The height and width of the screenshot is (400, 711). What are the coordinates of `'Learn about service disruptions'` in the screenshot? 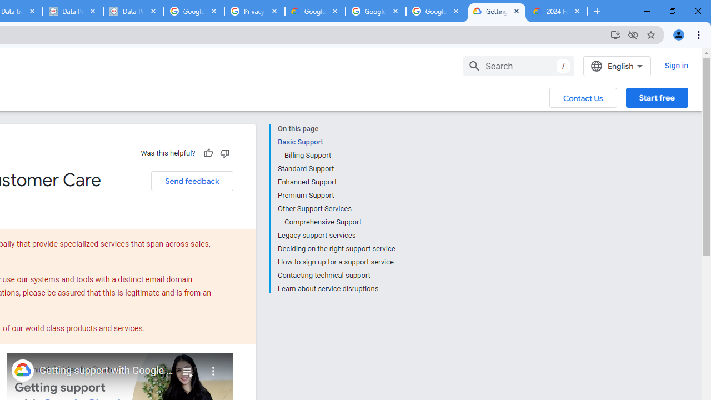 It's located at (336, 287).